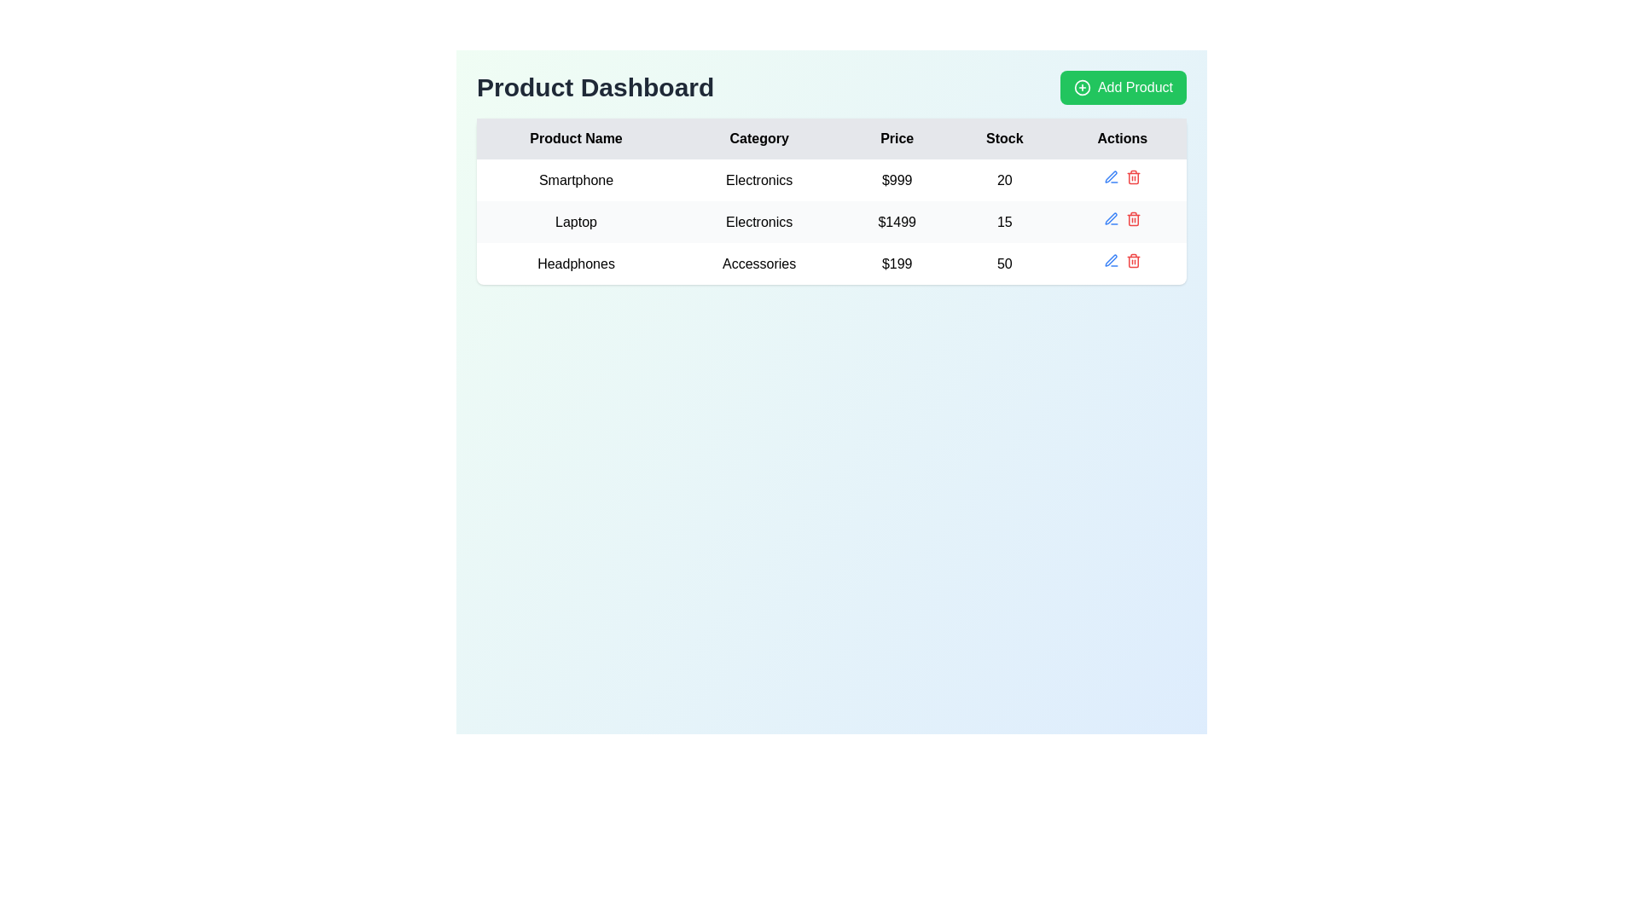 The width and height of the screenshot is (1638, 921). Describe the element at coordinates (595, 88) in the screenshot. I see `the bold heading 'Product Dashboard' located at the top-left section of the page` at that location.